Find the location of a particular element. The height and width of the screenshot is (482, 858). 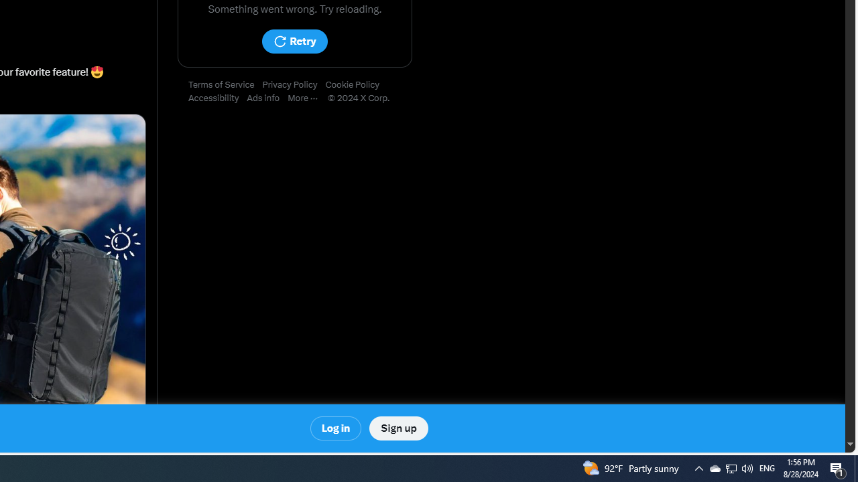

'Sign up' is located at coordinates (397, 428).